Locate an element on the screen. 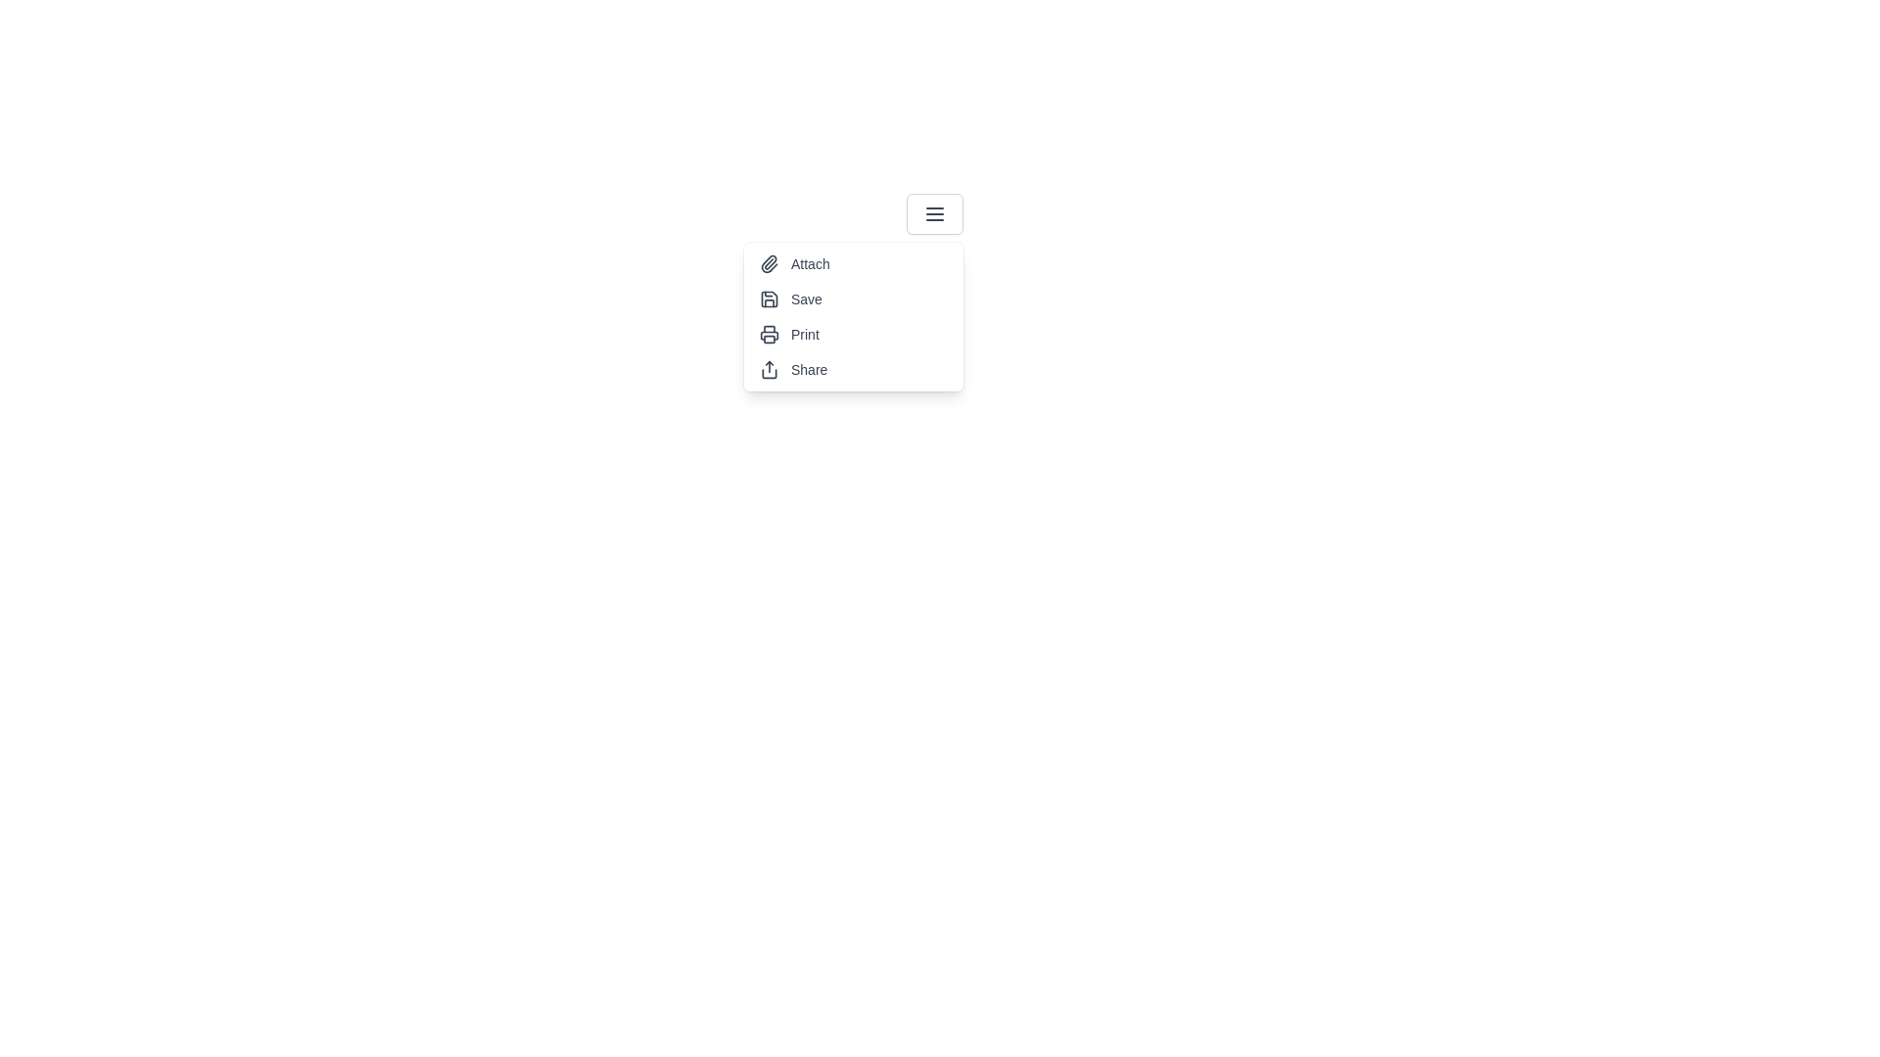 This screenshot has width=1880, height=1057. the dropdown menu containing multiple interactive buttons is located at coordinates (854, 316).